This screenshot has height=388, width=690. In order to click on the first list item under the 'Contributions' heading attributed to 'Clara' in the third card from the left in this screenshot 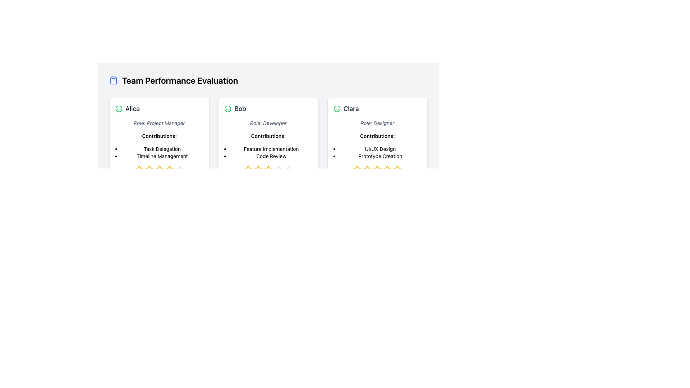, I will do `click(380, 149)`.